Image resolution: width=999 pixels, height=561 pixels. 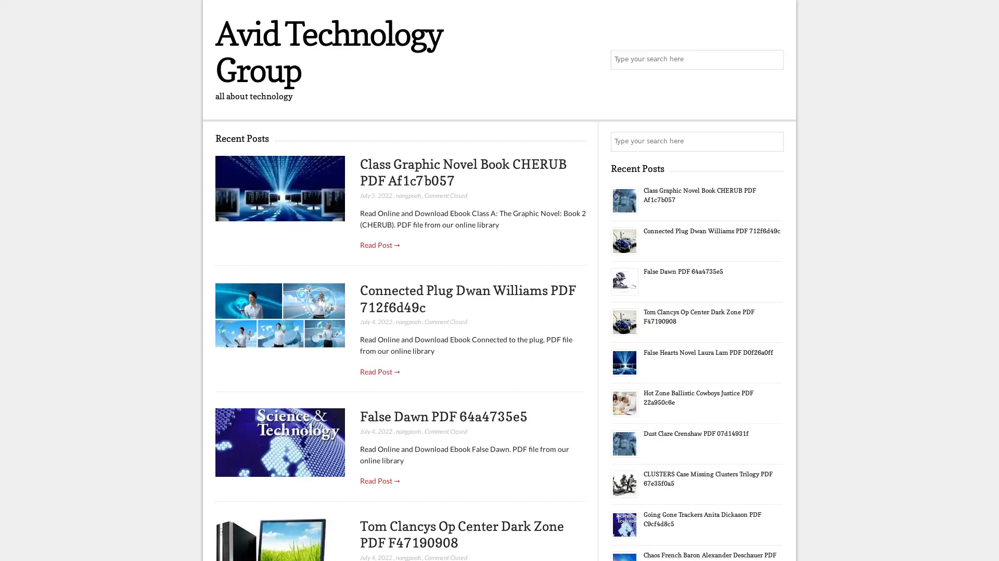 What do you see at coordinates (773, 60) in the screenshot?
I see `Search` at bounding box center [773, 60].